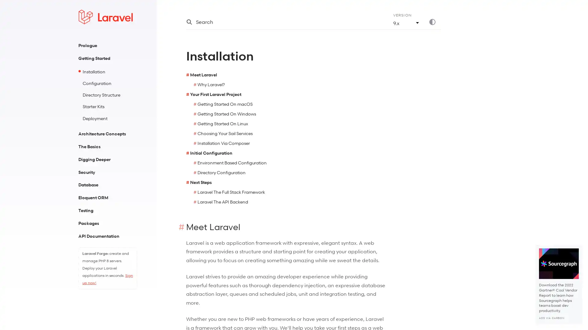 The height and width of the screenshot is (330, 588). Describe the element at coordinates (435, 22) in the screenshot. I see `Switch to dark mode` at that location.